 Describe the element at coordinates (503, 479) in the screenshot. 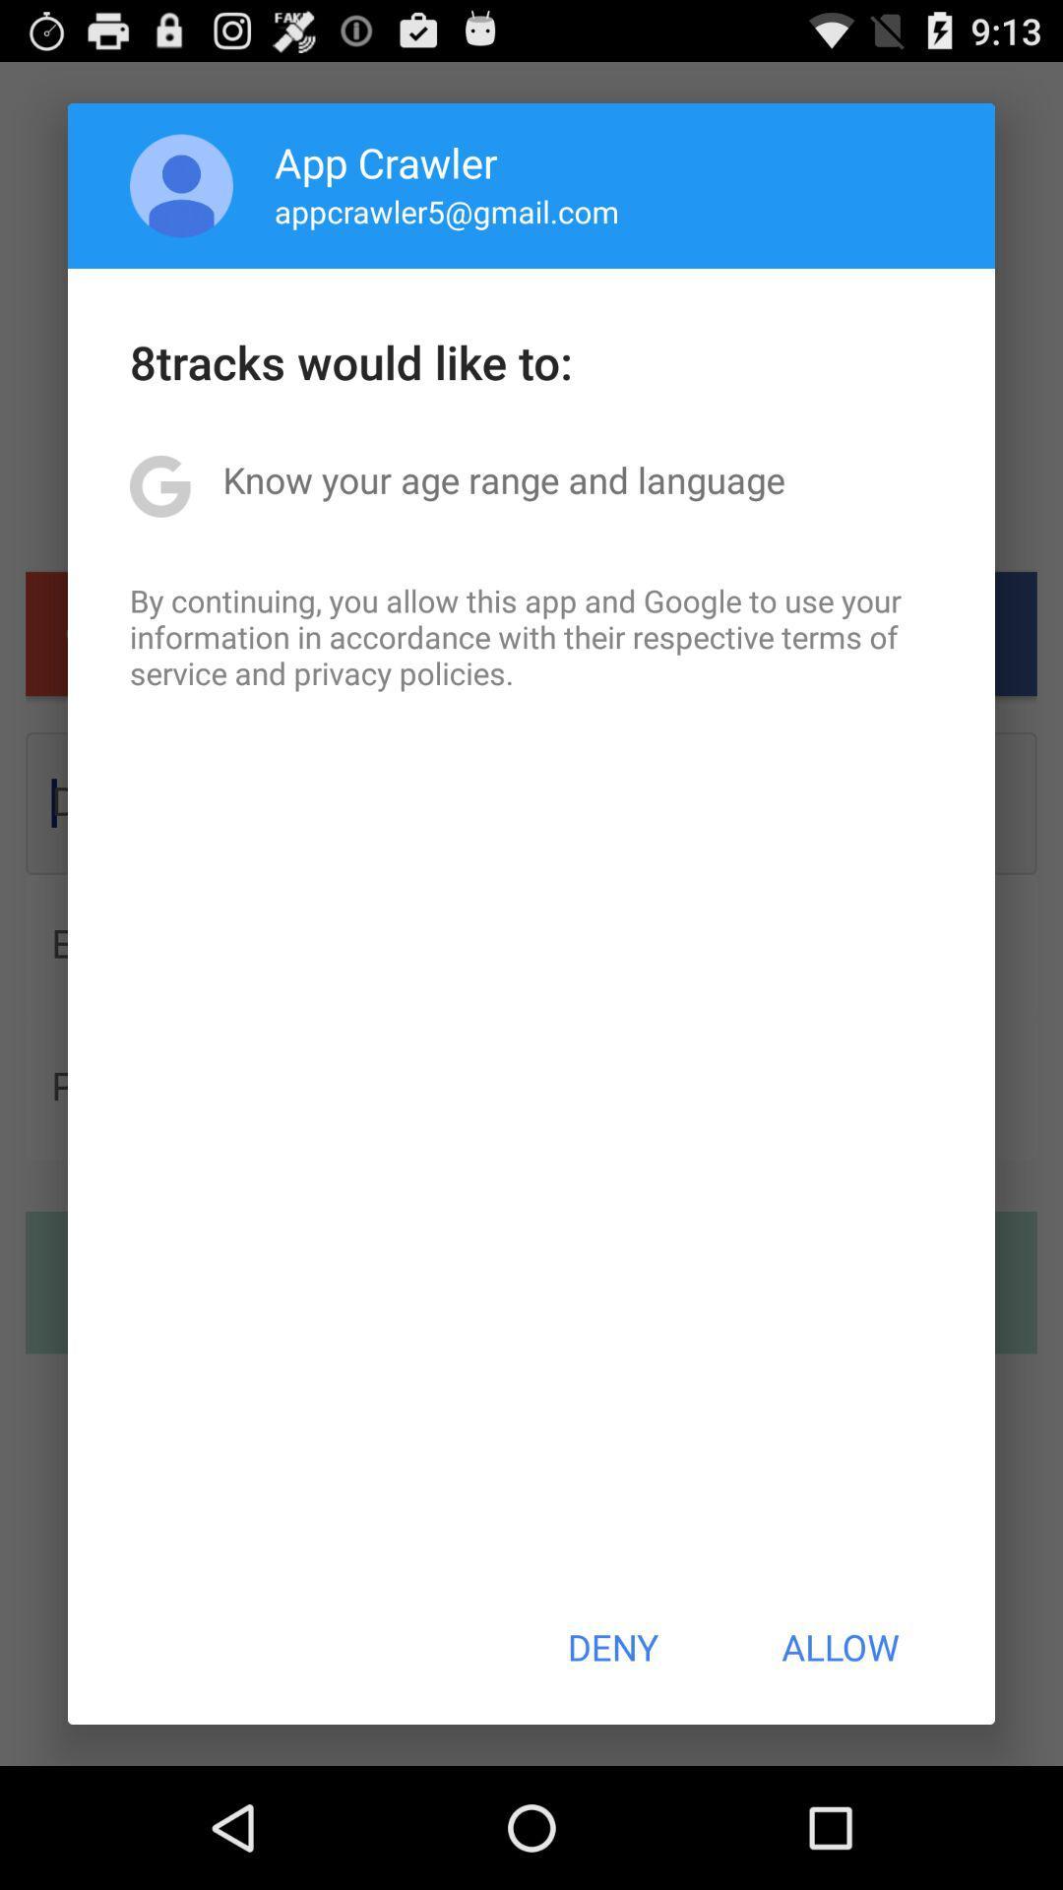

I see `the item below 8tracks would like app` at that location.